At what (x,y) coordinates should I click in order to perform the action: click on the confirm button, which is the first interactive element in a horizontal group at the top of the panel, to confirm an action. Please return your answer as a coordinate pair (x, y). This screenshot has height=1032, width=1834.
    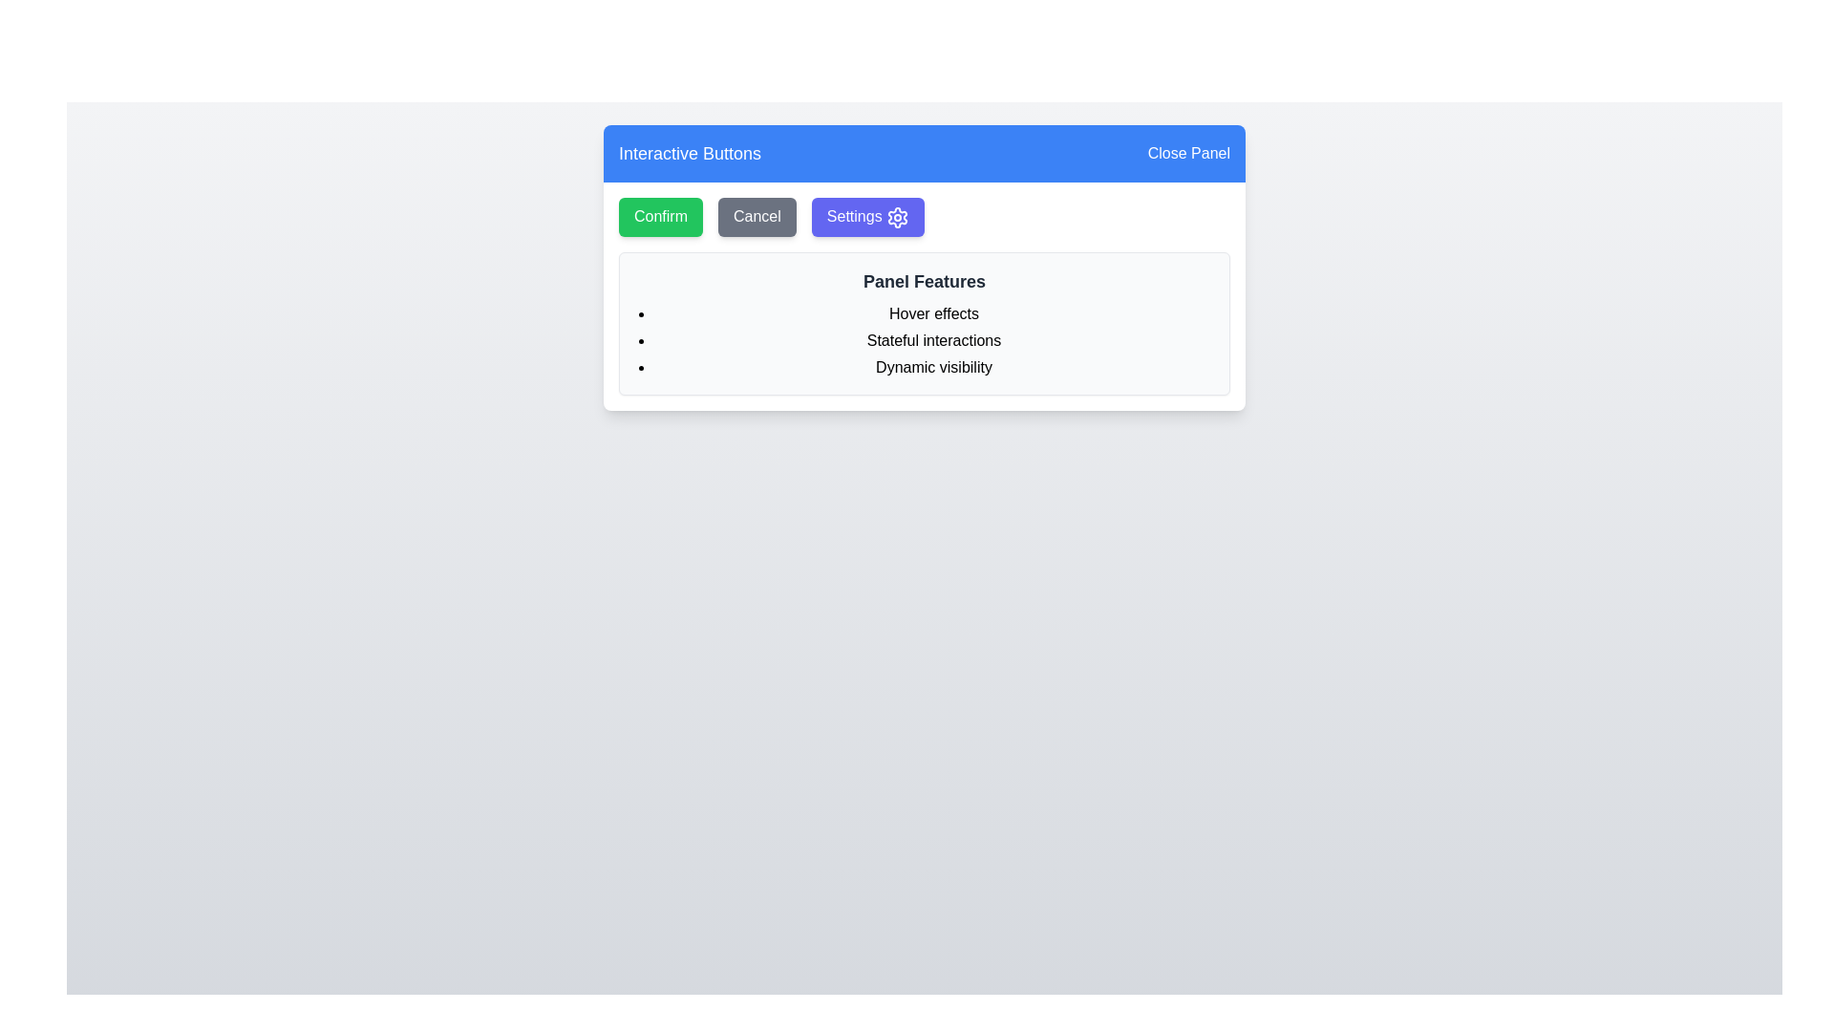
    Looking at the image, I should click on (660, 216).